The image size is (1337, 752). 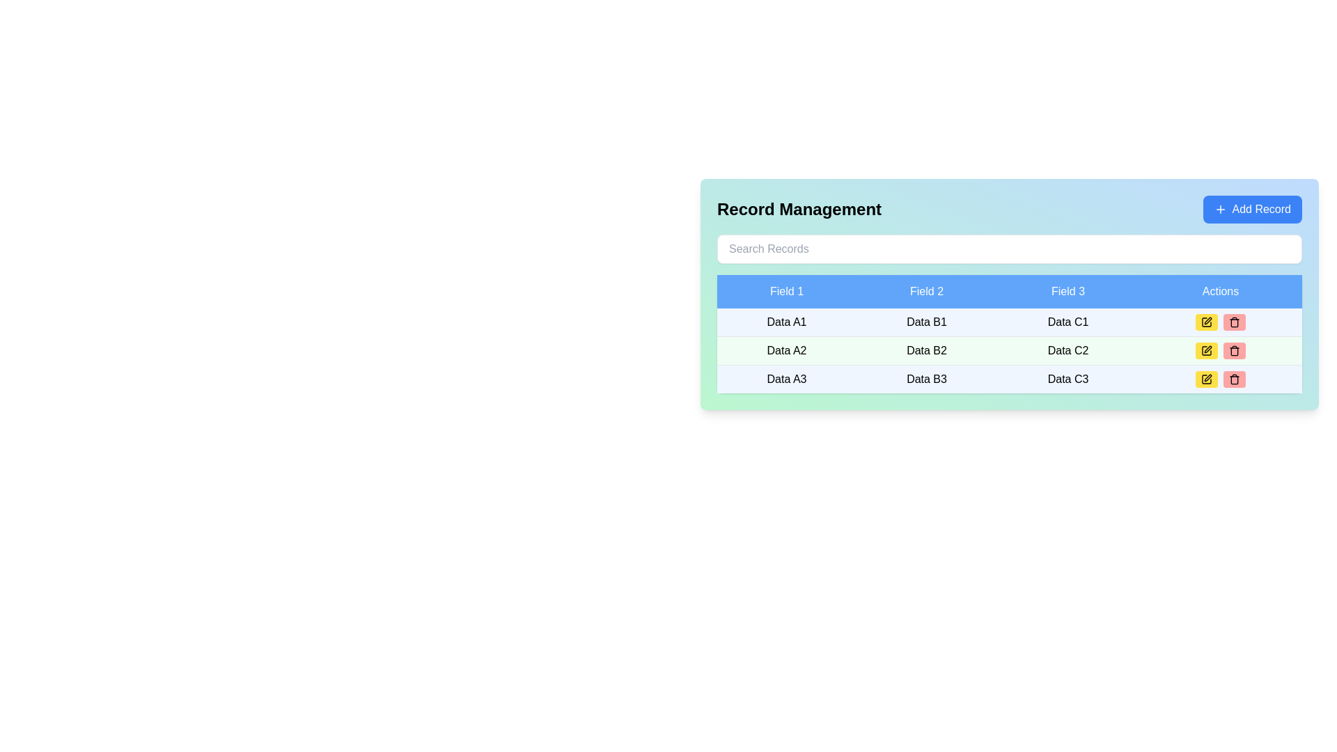 I want to click on the yellow pen icon button in the 'Actions' column of the second row of the table, so click(x=1205, y=322).